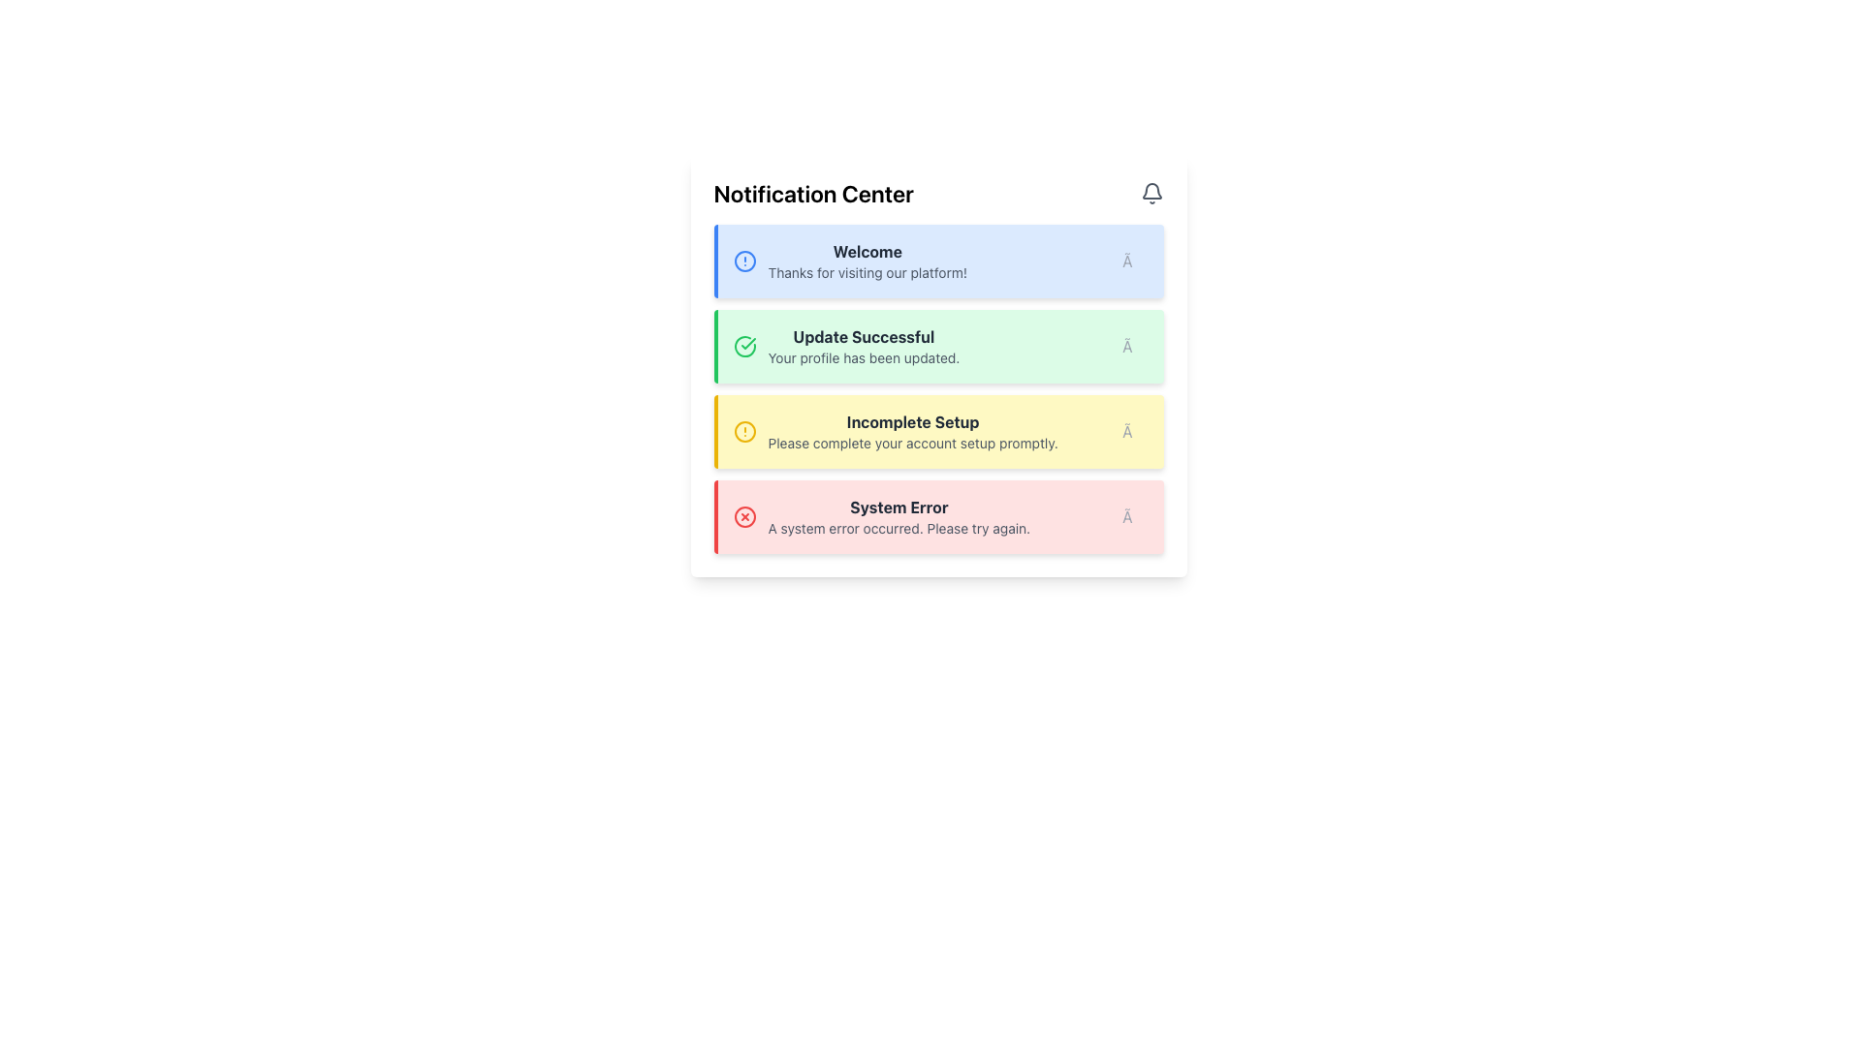 Image resolution: width=1861 pixels, height=1046 pixels. What do you see at coordinates (743, 261) in the screenshot?
I see `the blue circular alert icon located at the top-left corner of the 'Welcome' notification card, which is aligned vertically with the text content` at bounding box center [743, 261].